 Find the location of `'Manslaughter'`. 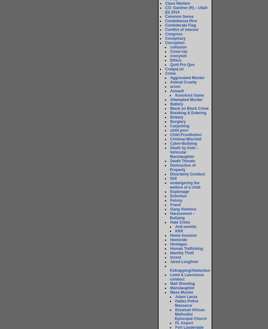

'Manslaughter' is located at coordinates (170, 288).